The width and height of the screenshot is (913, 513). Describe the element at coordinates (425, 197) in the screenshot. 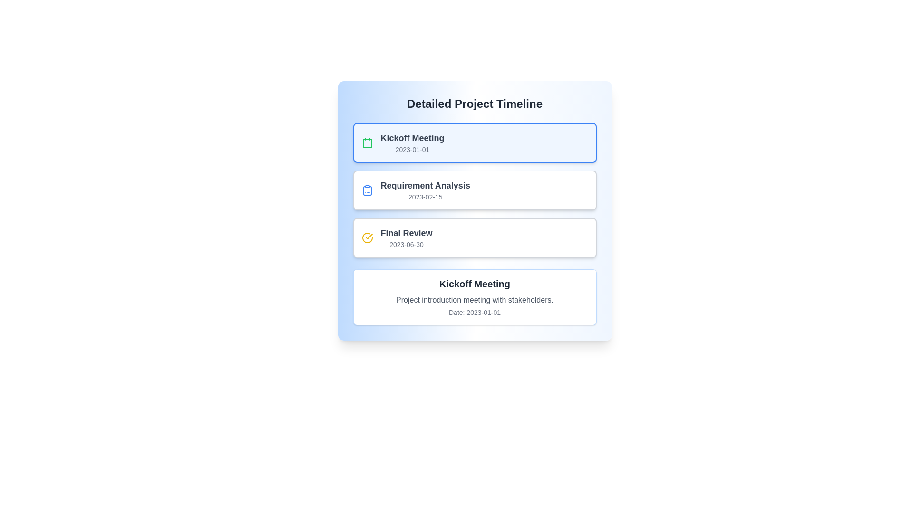

I see `the text display showing the date '2023-02-15', which is located below 'Requirement Analysis' in the timeline layout` at that location.